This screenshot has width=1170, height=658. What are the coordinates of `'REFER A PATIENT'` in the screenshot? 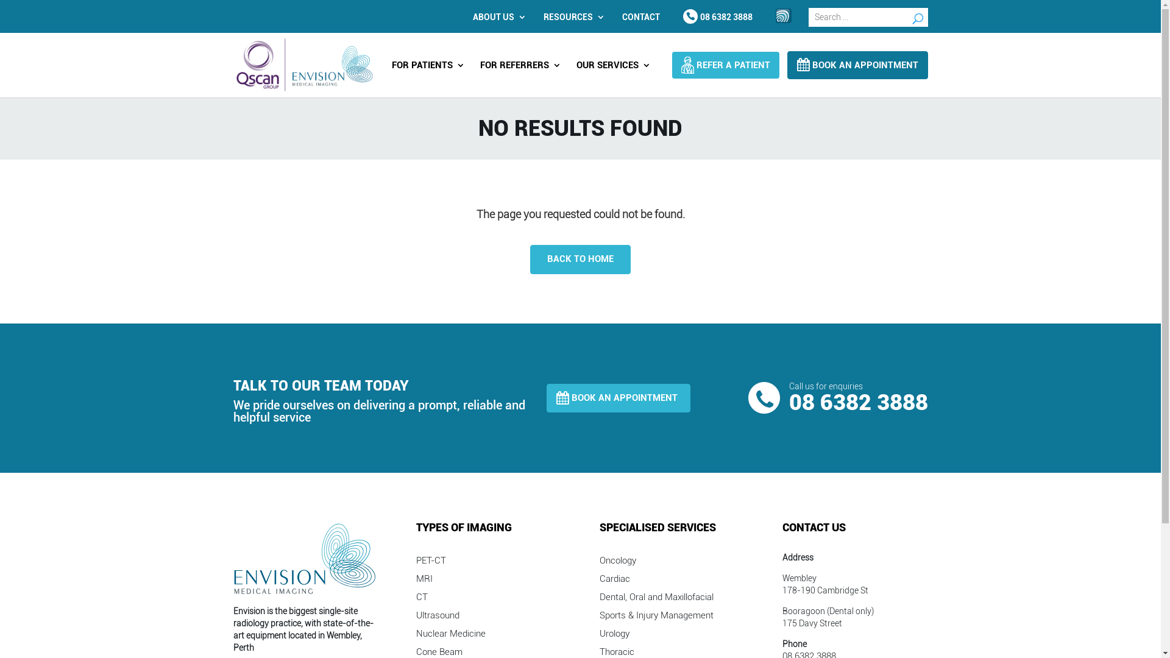 It's located at (725, 65).